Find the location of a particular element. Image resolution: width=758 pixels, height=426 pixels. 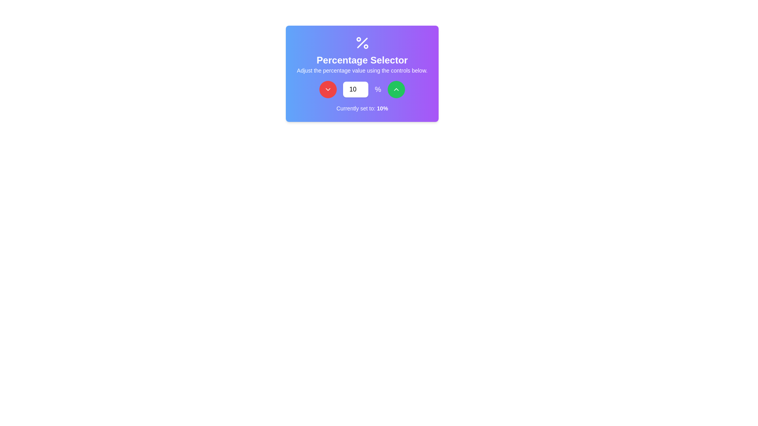

the text block labeled 'Percentage Selector', which contains instructions for adjusting the percentage value, and is centrally aligned on a gradient background is located at coordinates (362, 54).